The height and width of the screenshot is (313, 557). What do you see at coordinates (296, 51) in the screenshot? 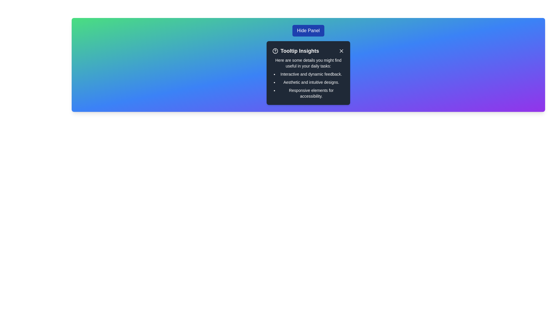
I see `the Text Label titled 'Tooltip Insights' which serves as the title for the card, located at the top-left of the card-like section` at bounding box center [296, 51].